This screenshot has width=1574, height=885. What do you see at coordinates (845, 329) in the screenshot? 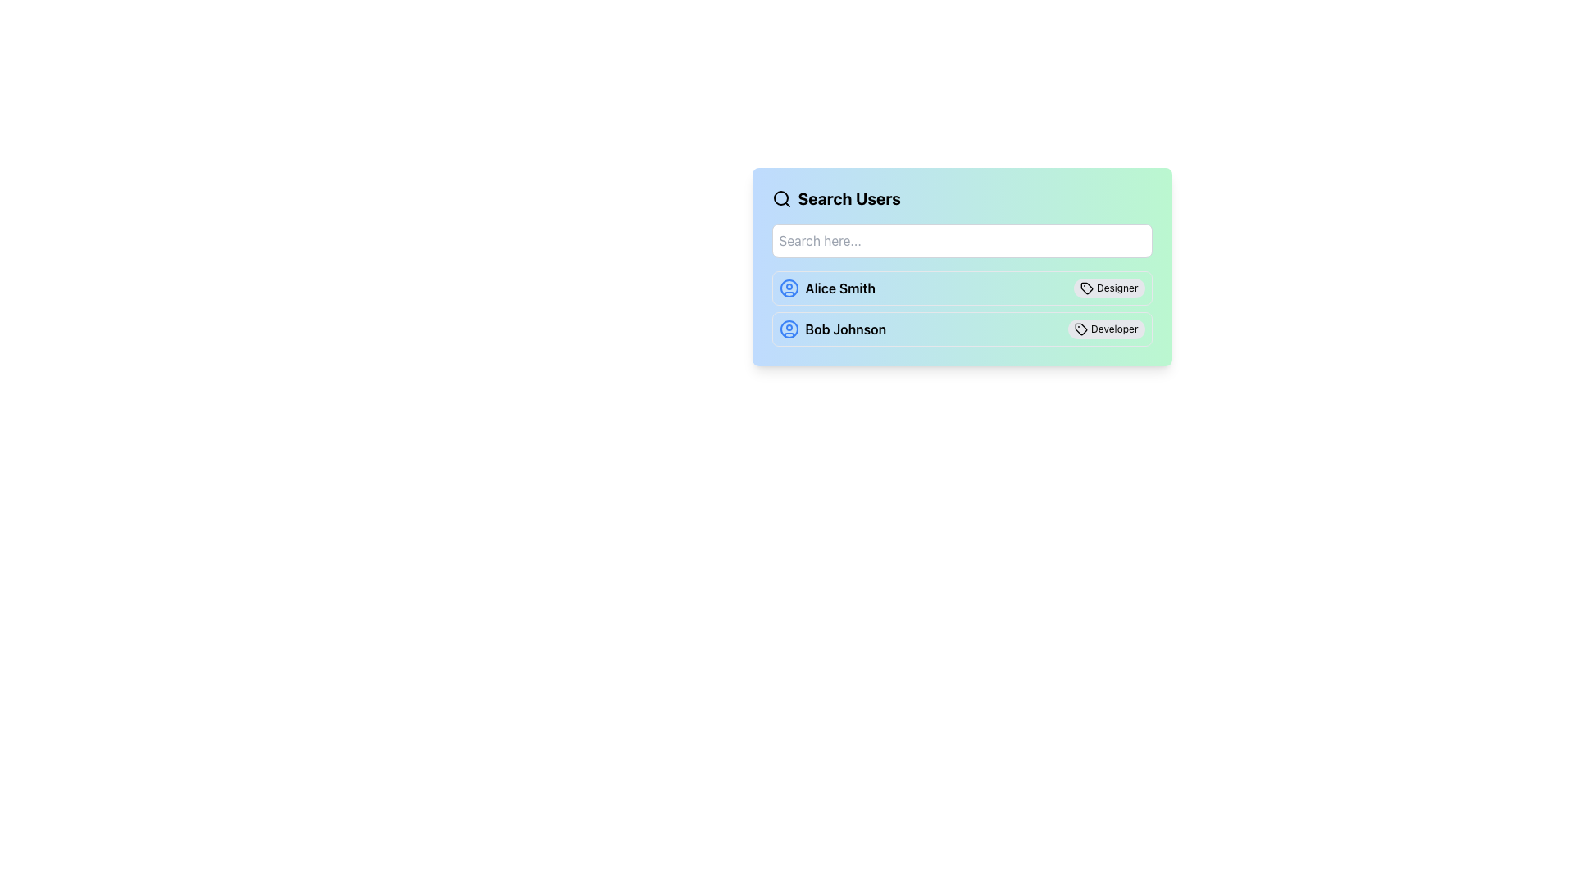
I see `the bold text label displaying 'Bob Johnson', which is positioned adjacent to a rounded avatar icon with a blue accent` at bounding box center [845, 329].